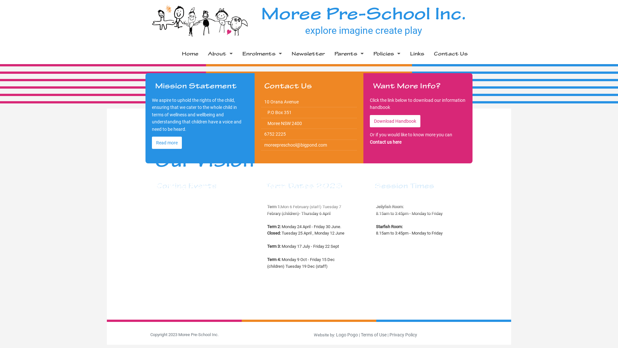 This screenshot has height=348, width=618. I want to click on 'Information Handbook', so click(349, 97).